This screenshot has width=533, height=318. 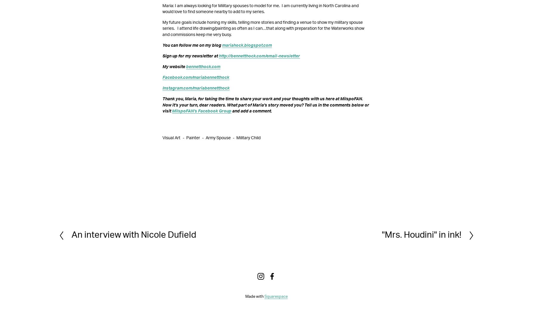 I want to click on 'Painter', so click(x=193, y=137).